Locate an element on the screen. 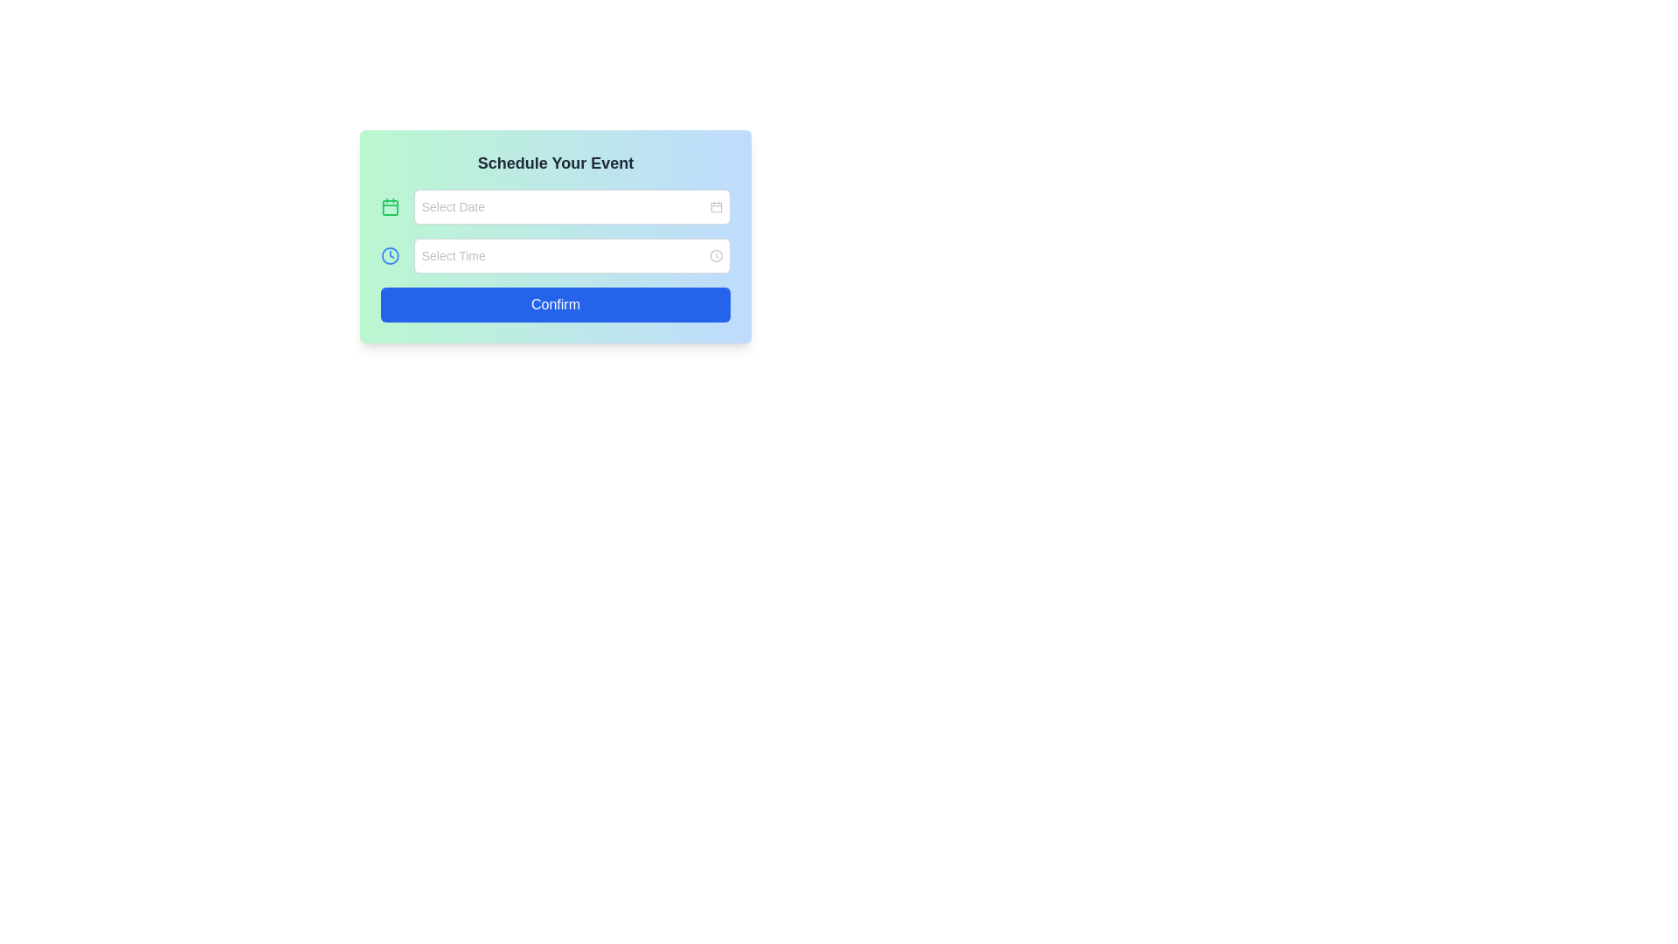 The image size is (1678, 944). the circular SVG element that forms part of the clock symbol next to the 'Select Time' input field is located at coordinates (389, 256).